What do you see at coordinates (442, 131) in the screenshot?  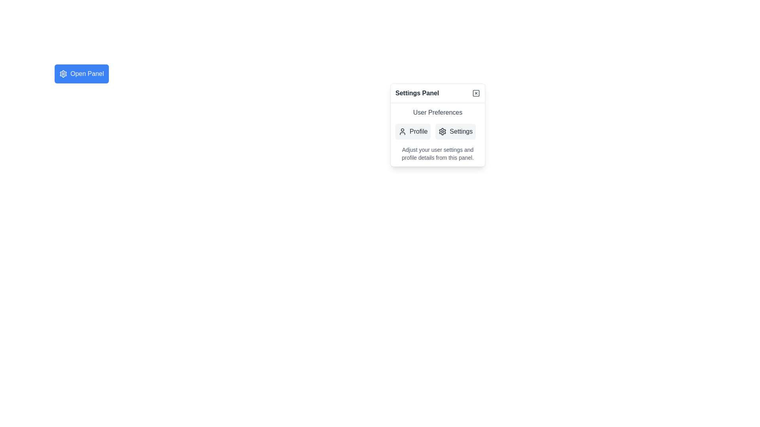 I see `the settings icon located within the 'Settings' button on the 'Settings Panel', which is positioned to the right of the 'Profile' button` at bounding box center [442, 131].